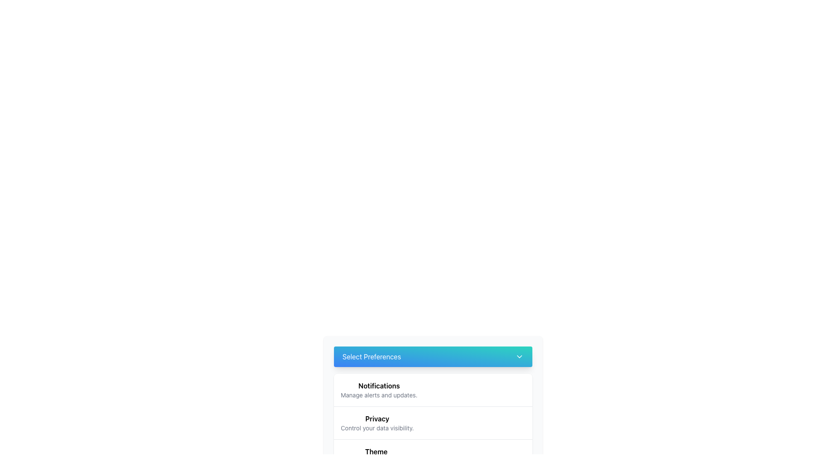 The image size is (821, 462). I want to click on the Notifications section title and description element located below the 'Select Preferences' blue title bar, so click(433, 381).